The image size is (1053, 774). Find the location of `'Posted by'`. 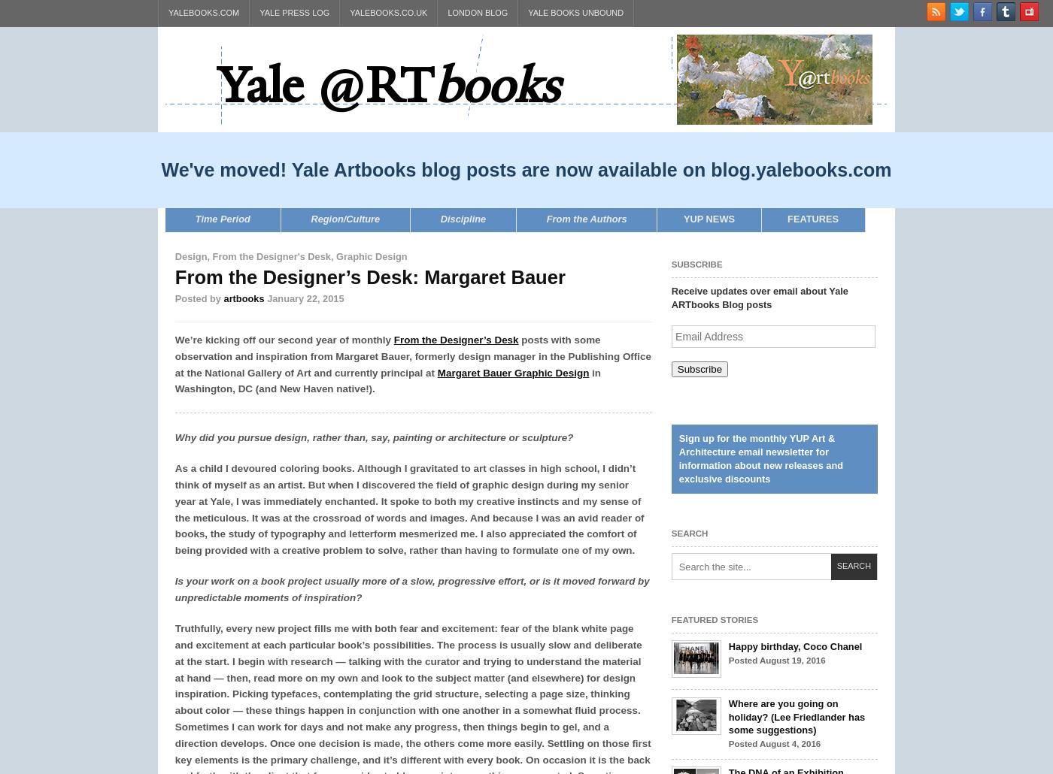

'Posted by' is located at coordinates (199, 298).